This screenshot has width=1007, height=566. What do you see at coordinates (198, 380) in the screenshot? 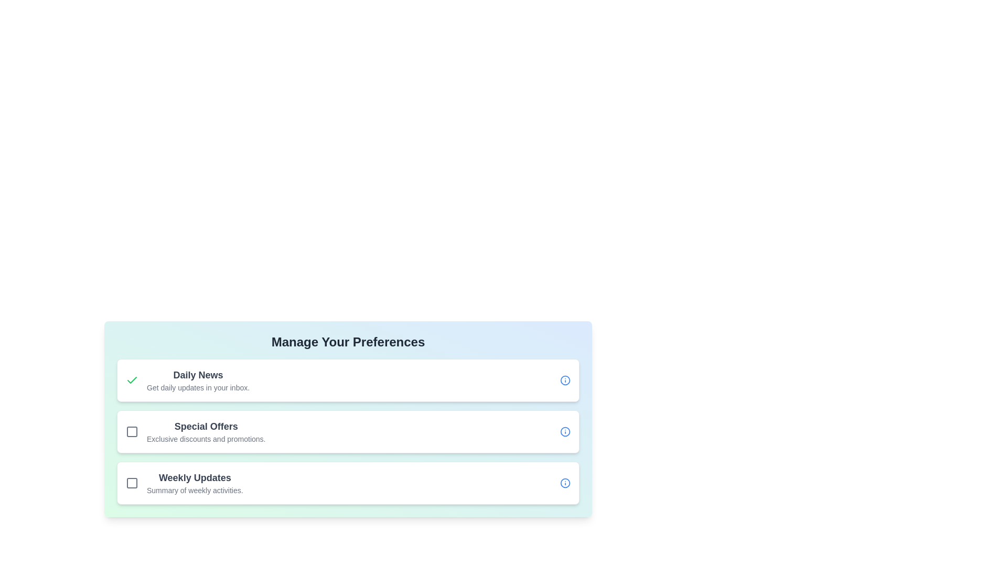
I see `descriptive text block for the 'Daily News' subscription option, which is the first element in a three-option list view` at bounding box center [198, 380].